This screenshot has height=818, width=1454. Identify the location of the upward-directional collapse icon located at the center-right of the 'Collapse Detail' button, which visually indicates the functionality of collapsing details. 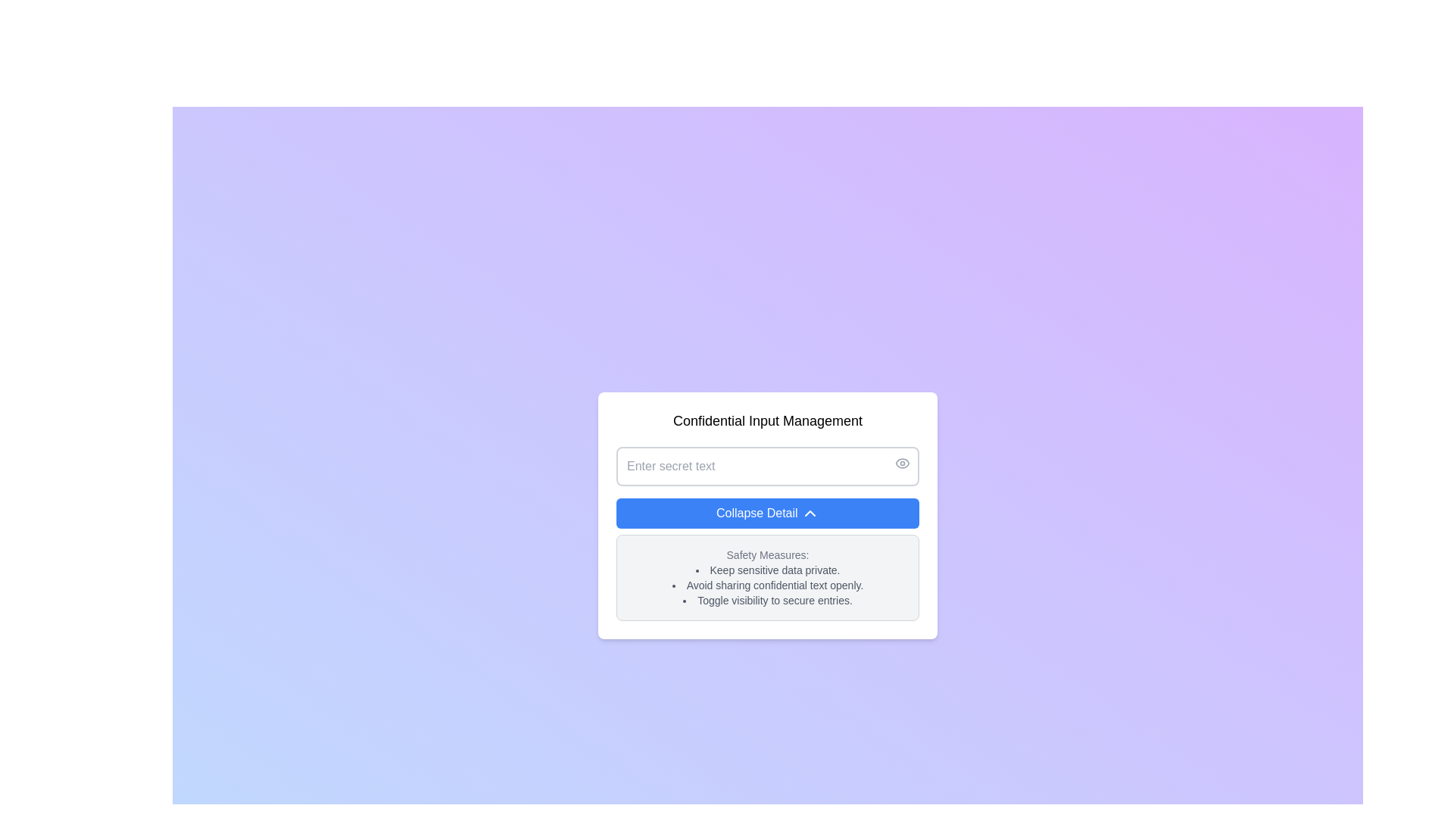
(810, 513).